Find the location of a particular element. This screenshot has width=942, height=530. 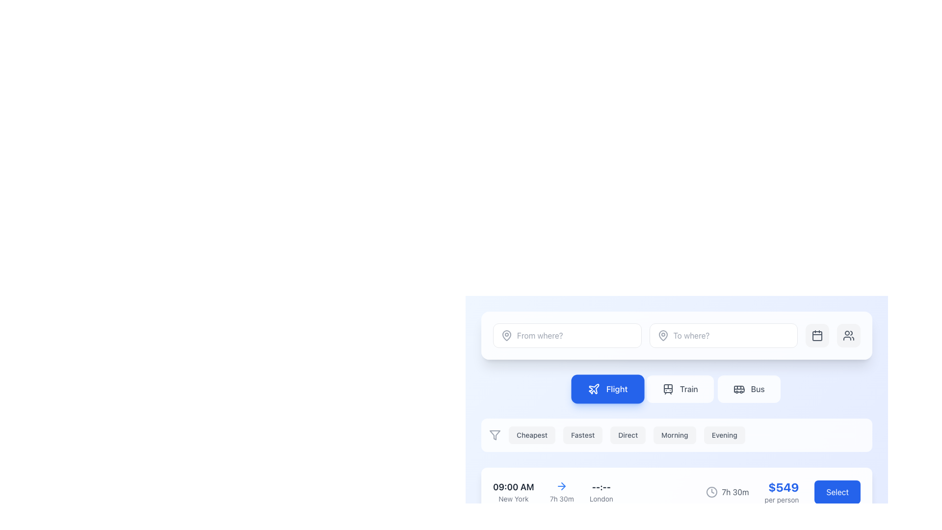

the navigation icon associated with the blue-highlighted Flight button is located at coordinates (563, 486).